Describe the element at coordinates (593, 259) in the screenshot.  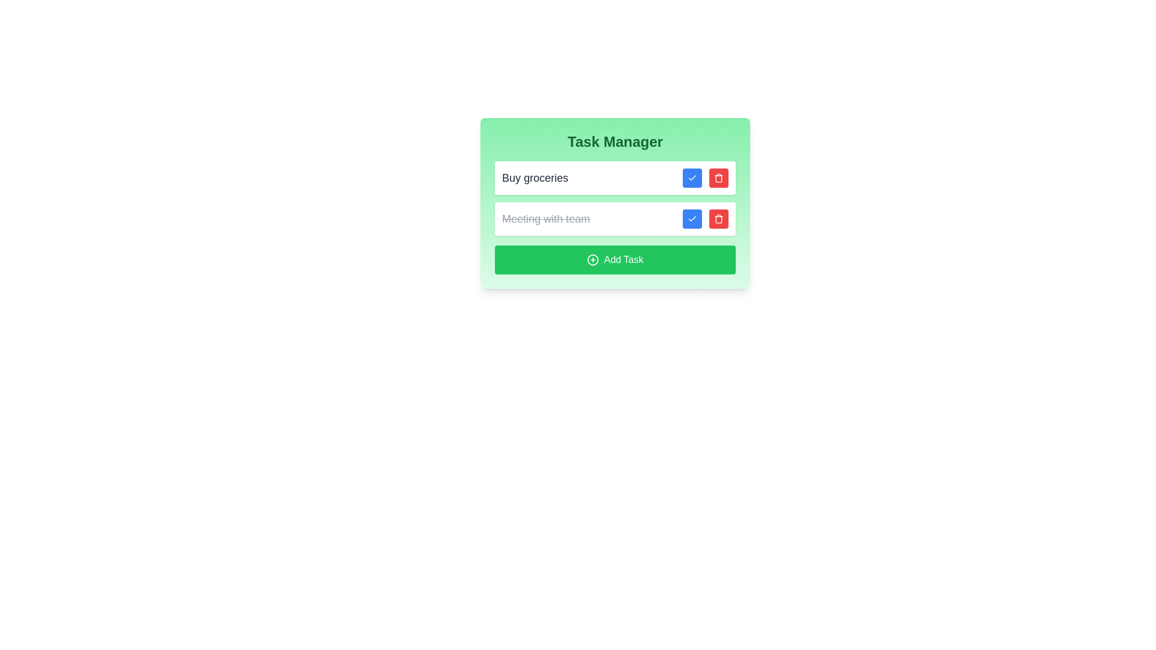
I see `the circular icon with a plus sign inside it, which is located within the 'Add Task' button at the left side of the button text` at that location.